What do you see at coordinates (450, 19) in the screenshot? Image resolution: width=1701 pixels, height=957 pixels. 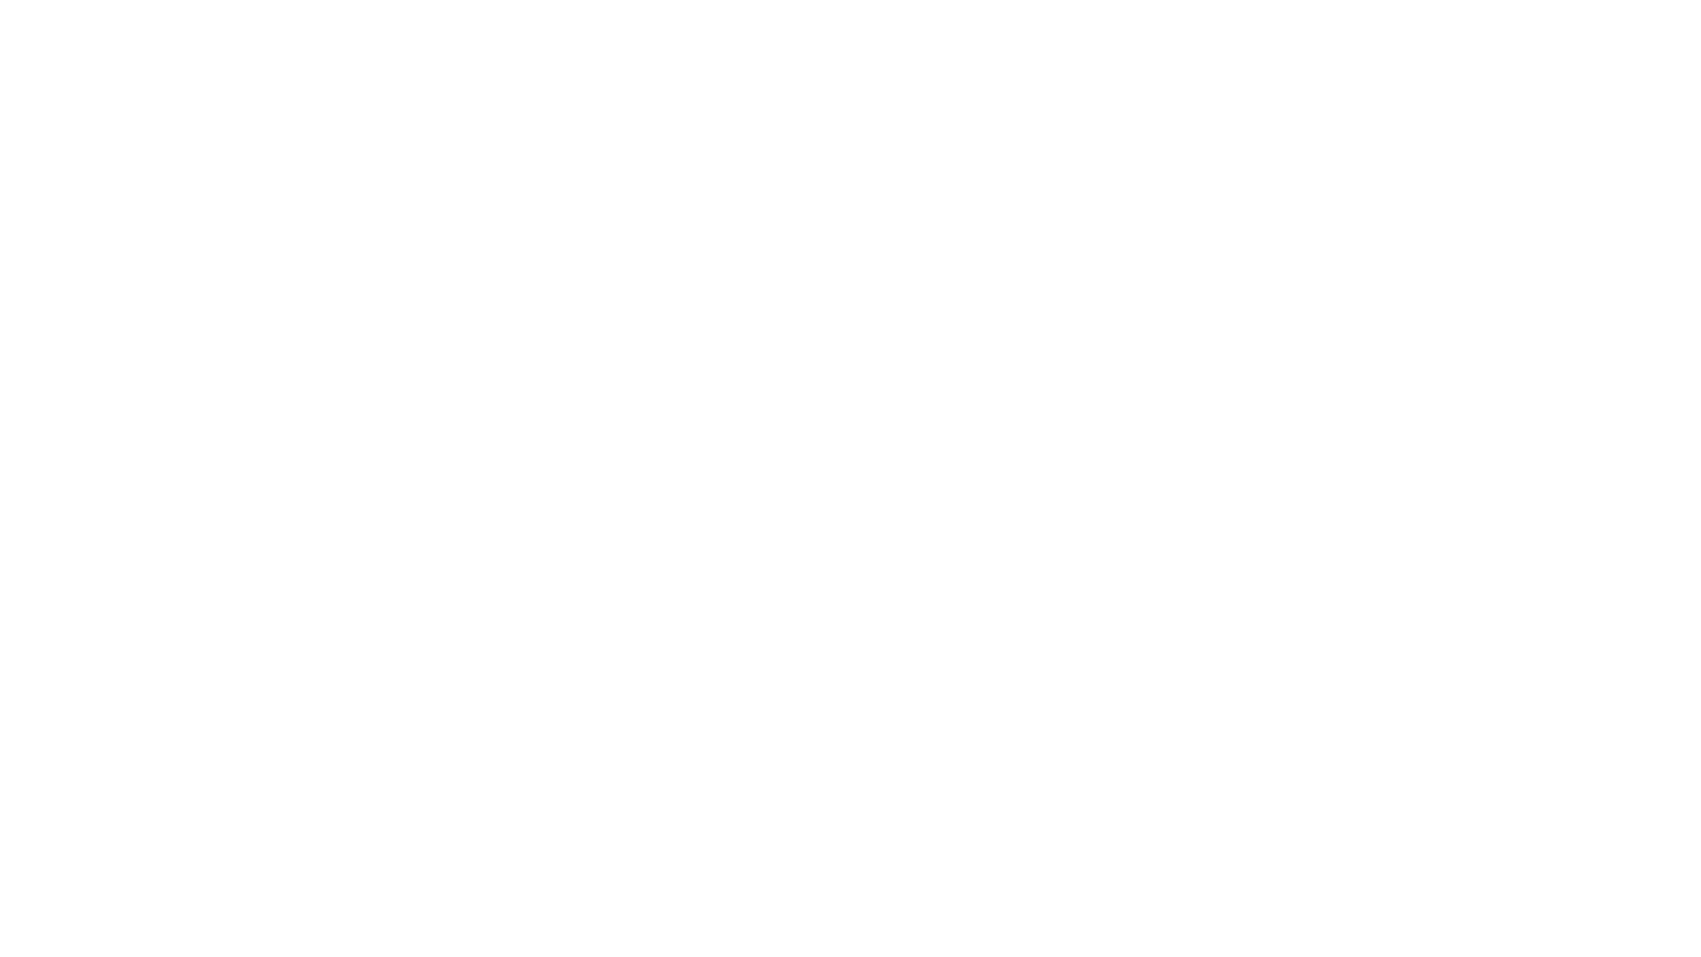 I see `Global Team Considerations` at bounding box center [450, 19].